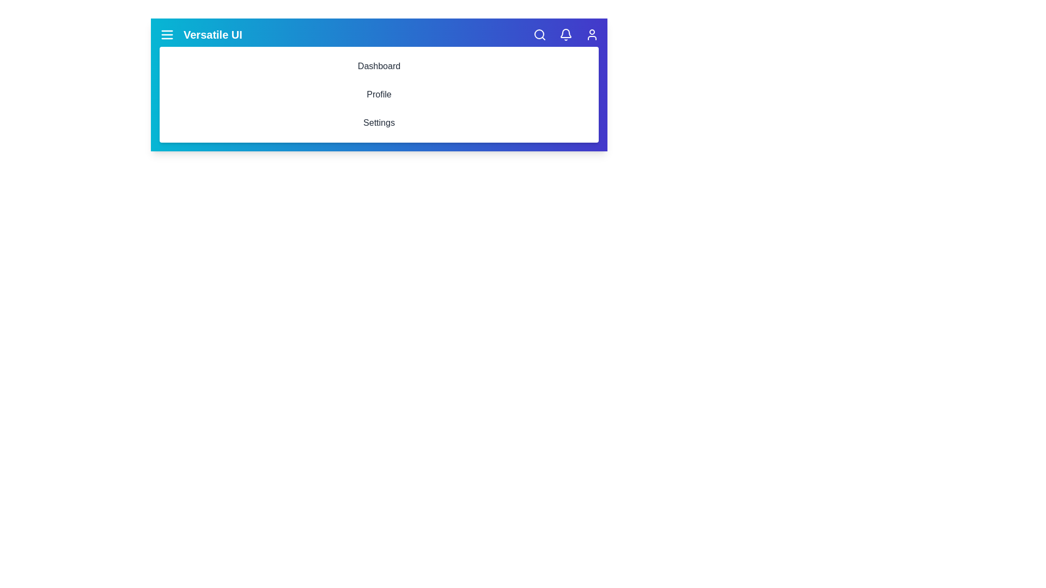  I want to click on the 'Settings' link to navigate to the Settings page, so click(379, 122).